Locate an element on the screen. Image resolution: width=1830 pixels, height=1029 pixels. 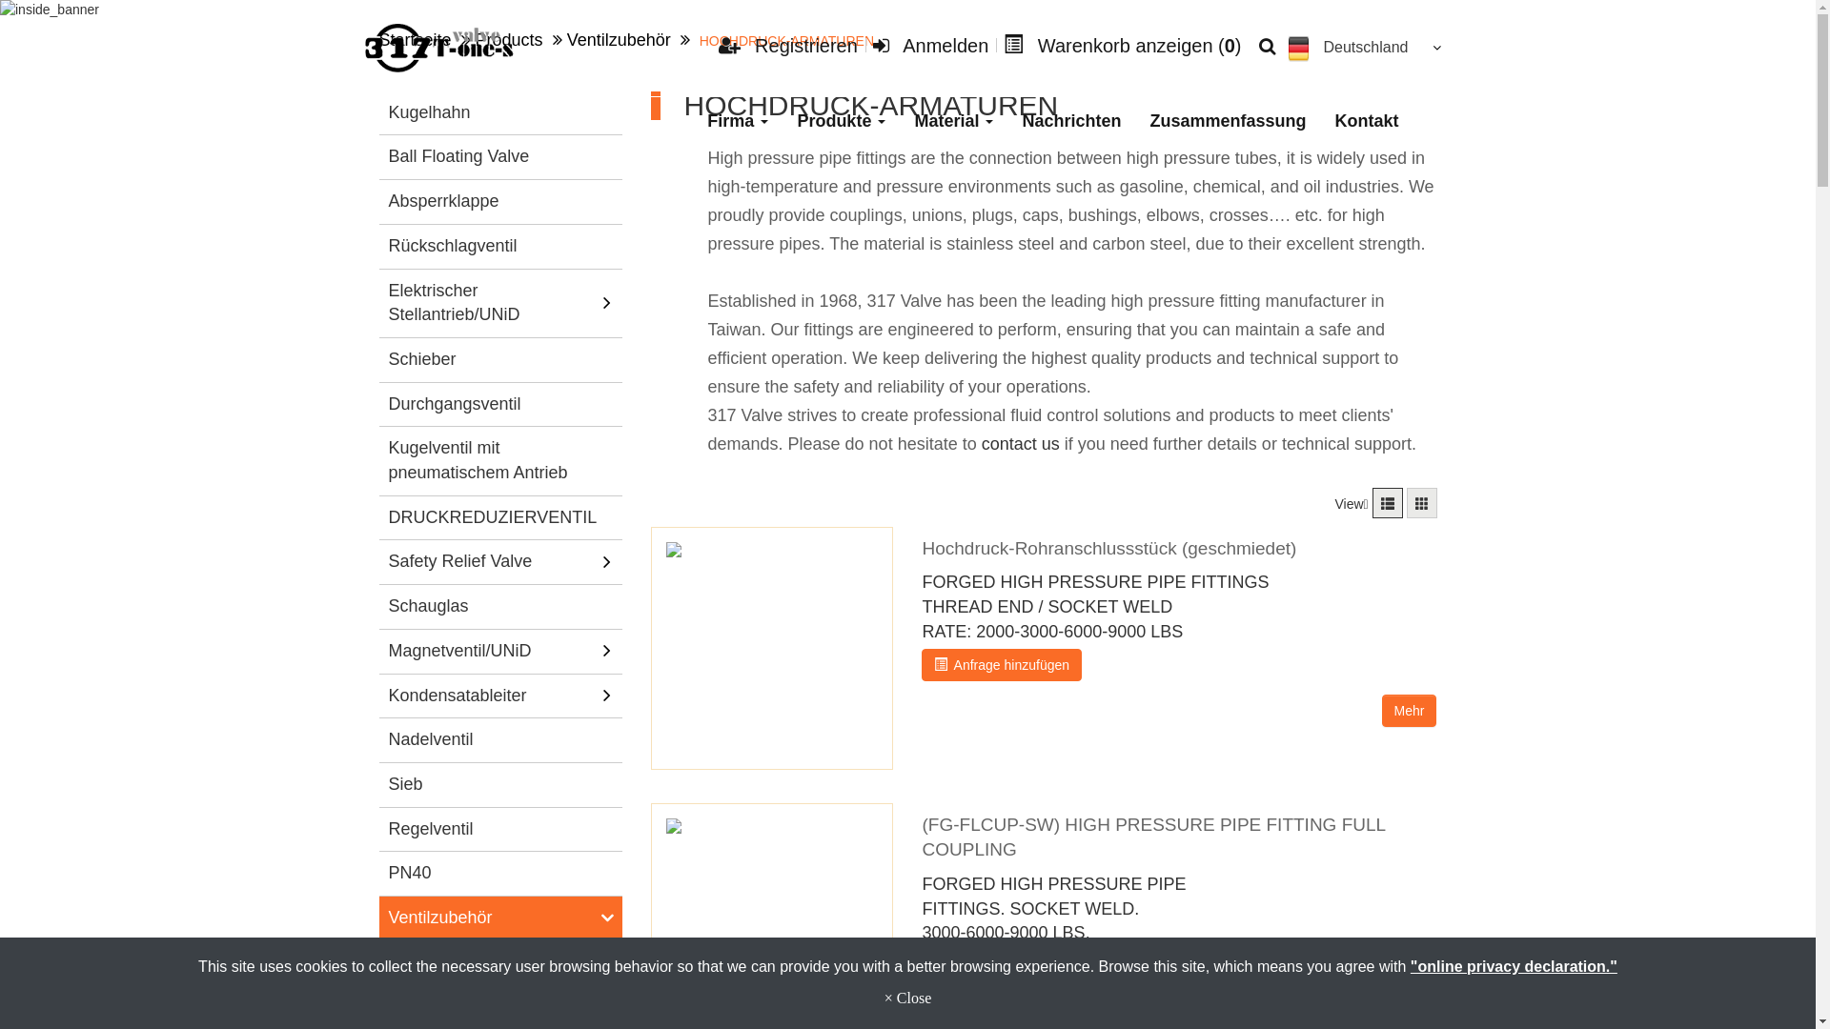
'Kondensatableiter' is located at coordinates (489, 696).